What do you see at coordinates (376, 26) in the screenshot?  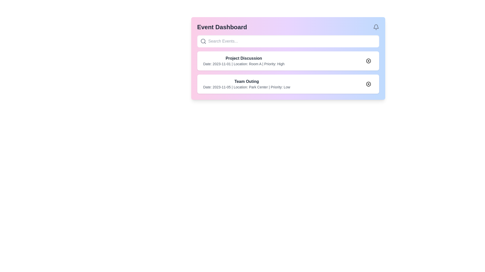 I see `the notification bell icon located in the top-right corner of the blue dashboard header, which is represented as a vector graphic and is non-interactive` at bounding box center [376, 26].